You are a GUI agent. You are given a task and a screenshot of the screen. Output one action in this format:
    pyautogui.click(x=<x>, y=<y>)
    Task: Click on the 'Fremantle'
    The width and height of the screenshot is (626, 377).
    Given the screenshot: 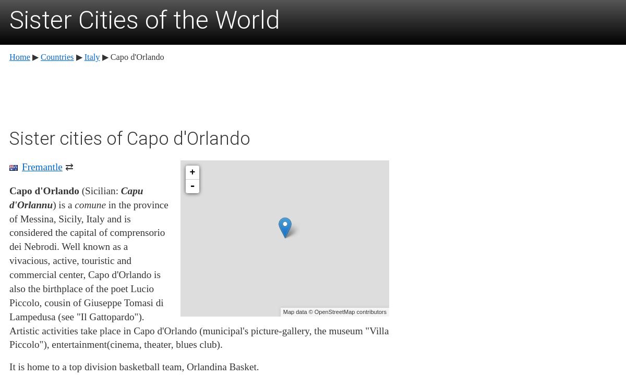 What is the action you would take?
    pyautogui.click(x=42, y=166)
    